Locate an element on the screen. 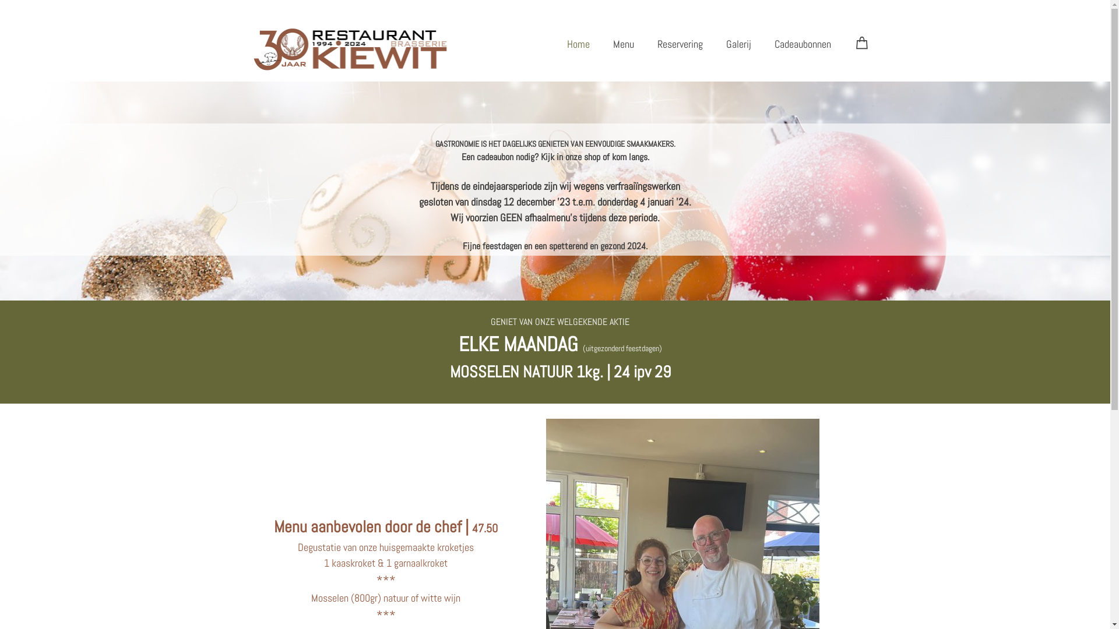  'Galerij' is located at coordinates (738, 43).